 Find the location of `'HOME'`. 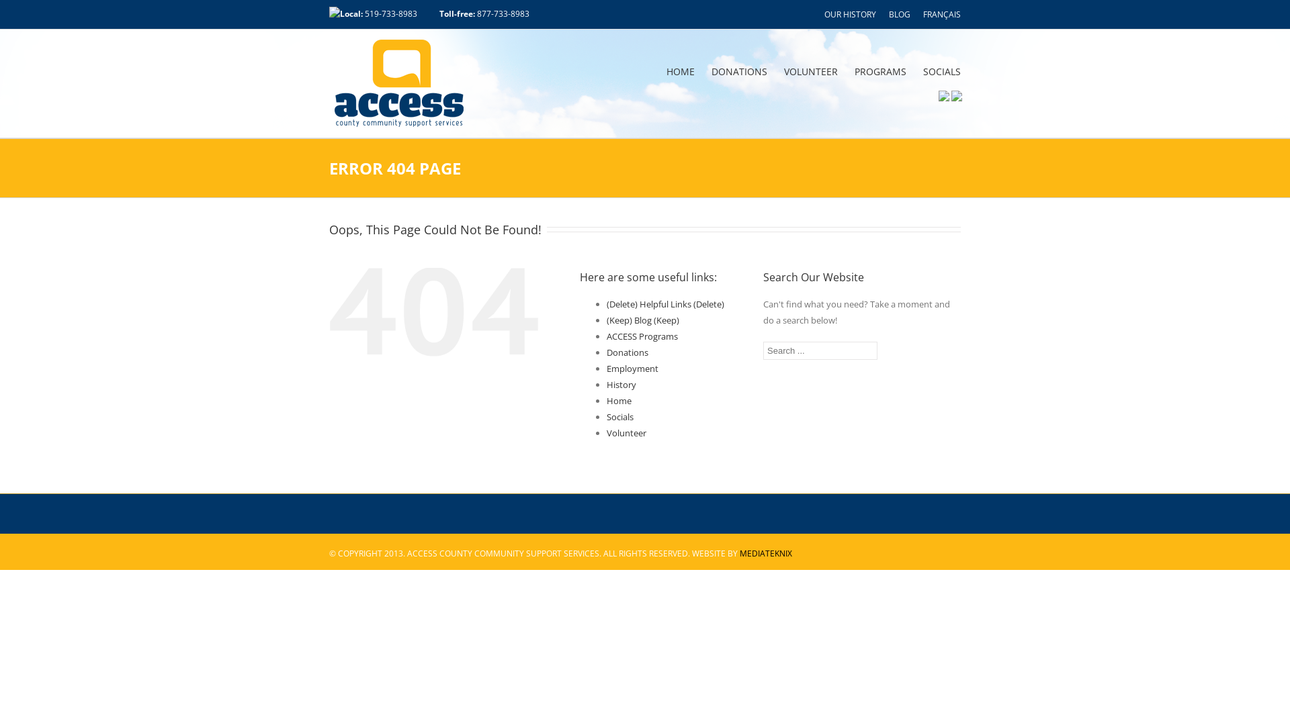

'HOME' is located at coordinates (666, 70).